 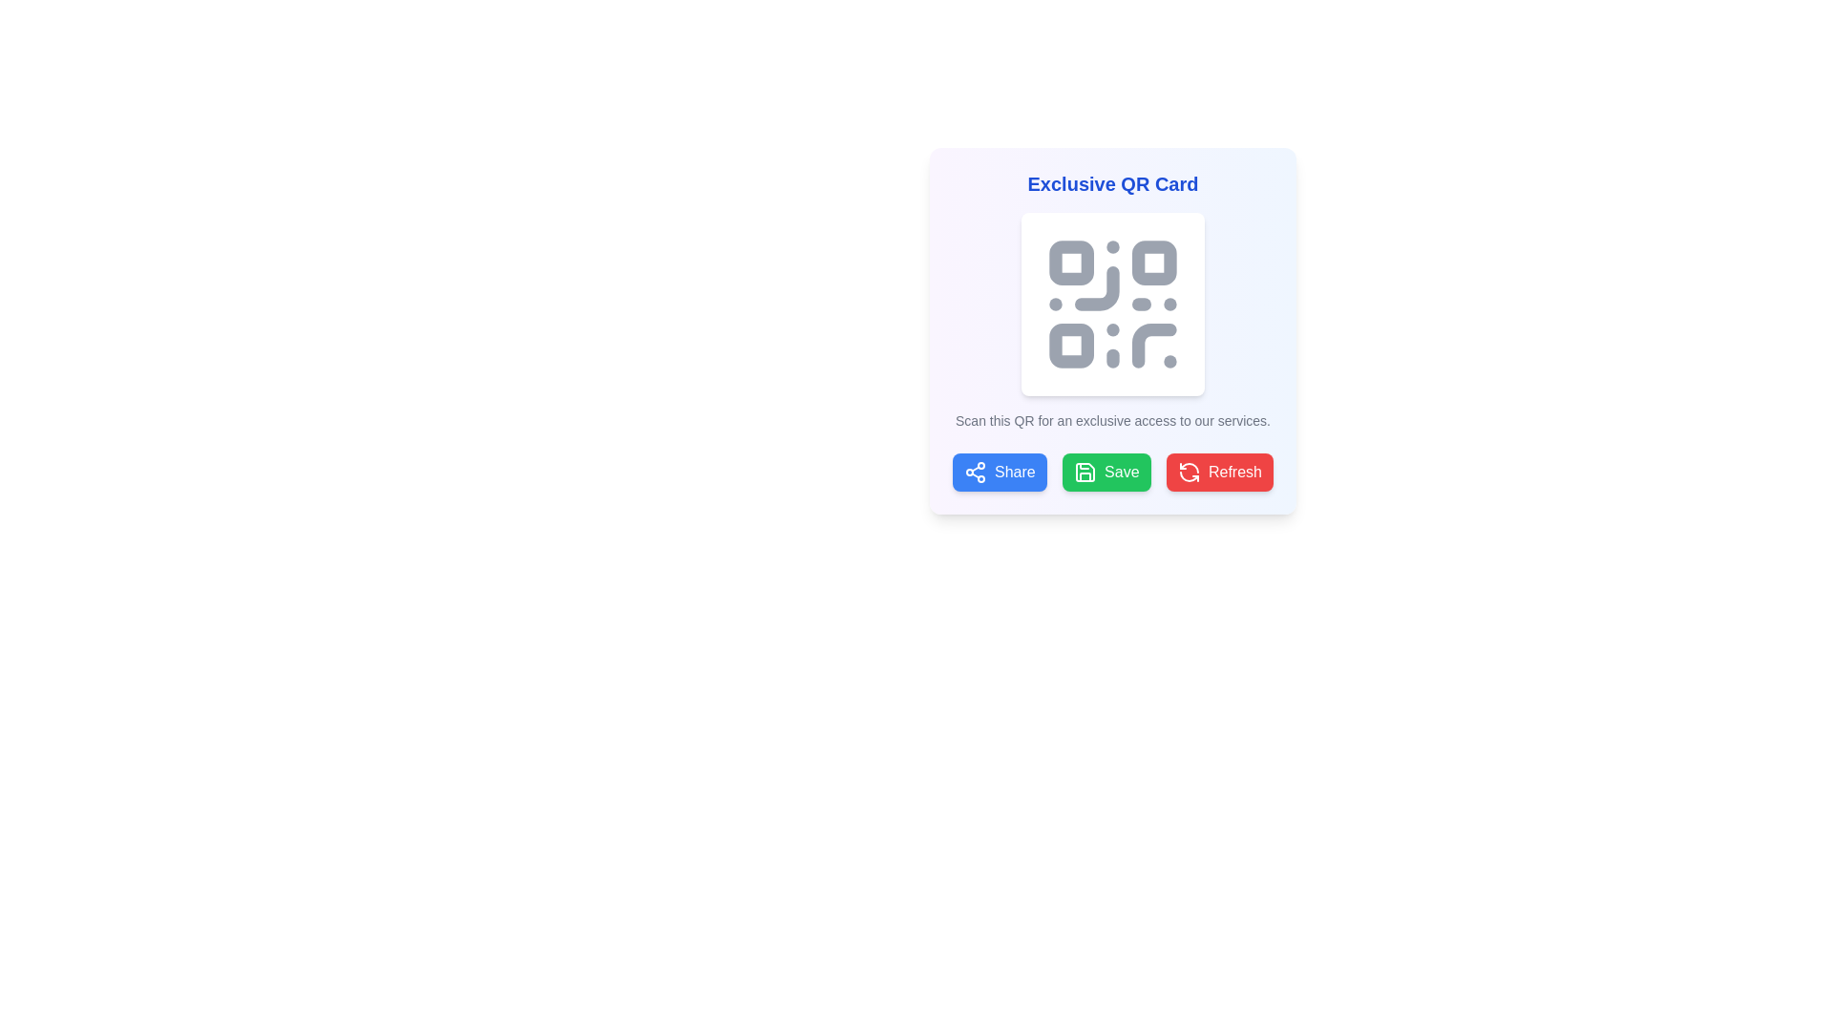 What do you see at coordinates (1085, 472) in the screenshot?
I see `the save Icon button, which is the second button from the left in a row of action buttons, to trigger the tooltip display` at bounding box center [1085, 472].